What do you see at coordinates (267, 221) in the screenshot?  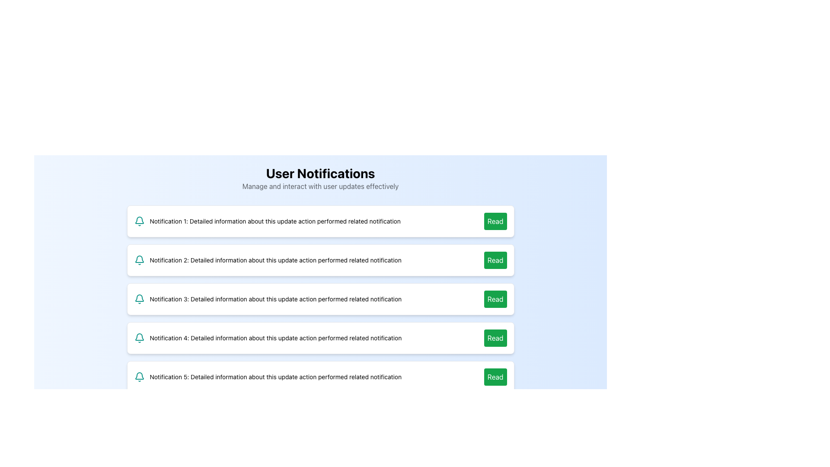 I see `the topmost Notification item in the list of notifications, which provides detailed information about a specific update or action` at bounding box center [267, 221].